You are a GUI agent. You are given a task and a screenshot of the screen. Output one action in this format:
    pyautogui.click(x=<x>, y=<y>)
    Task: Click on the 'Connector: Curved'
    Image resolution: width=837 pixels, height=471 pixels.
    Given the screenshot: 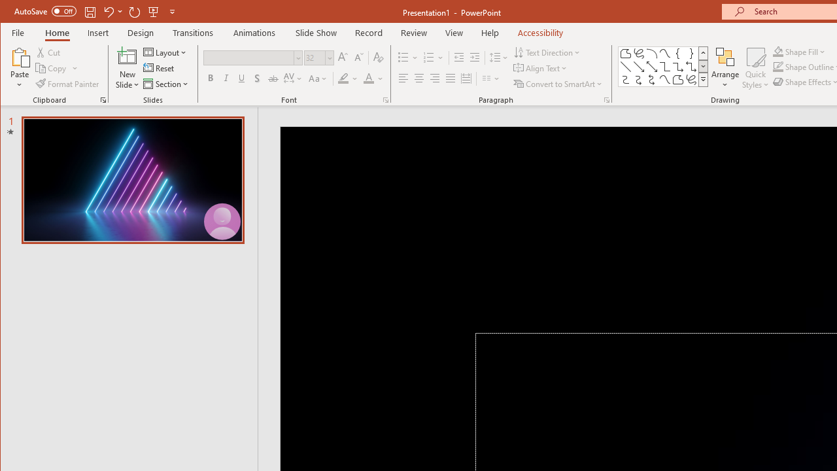 What is the action you would take?
    pyautogui.click(x=624, y=80)
    